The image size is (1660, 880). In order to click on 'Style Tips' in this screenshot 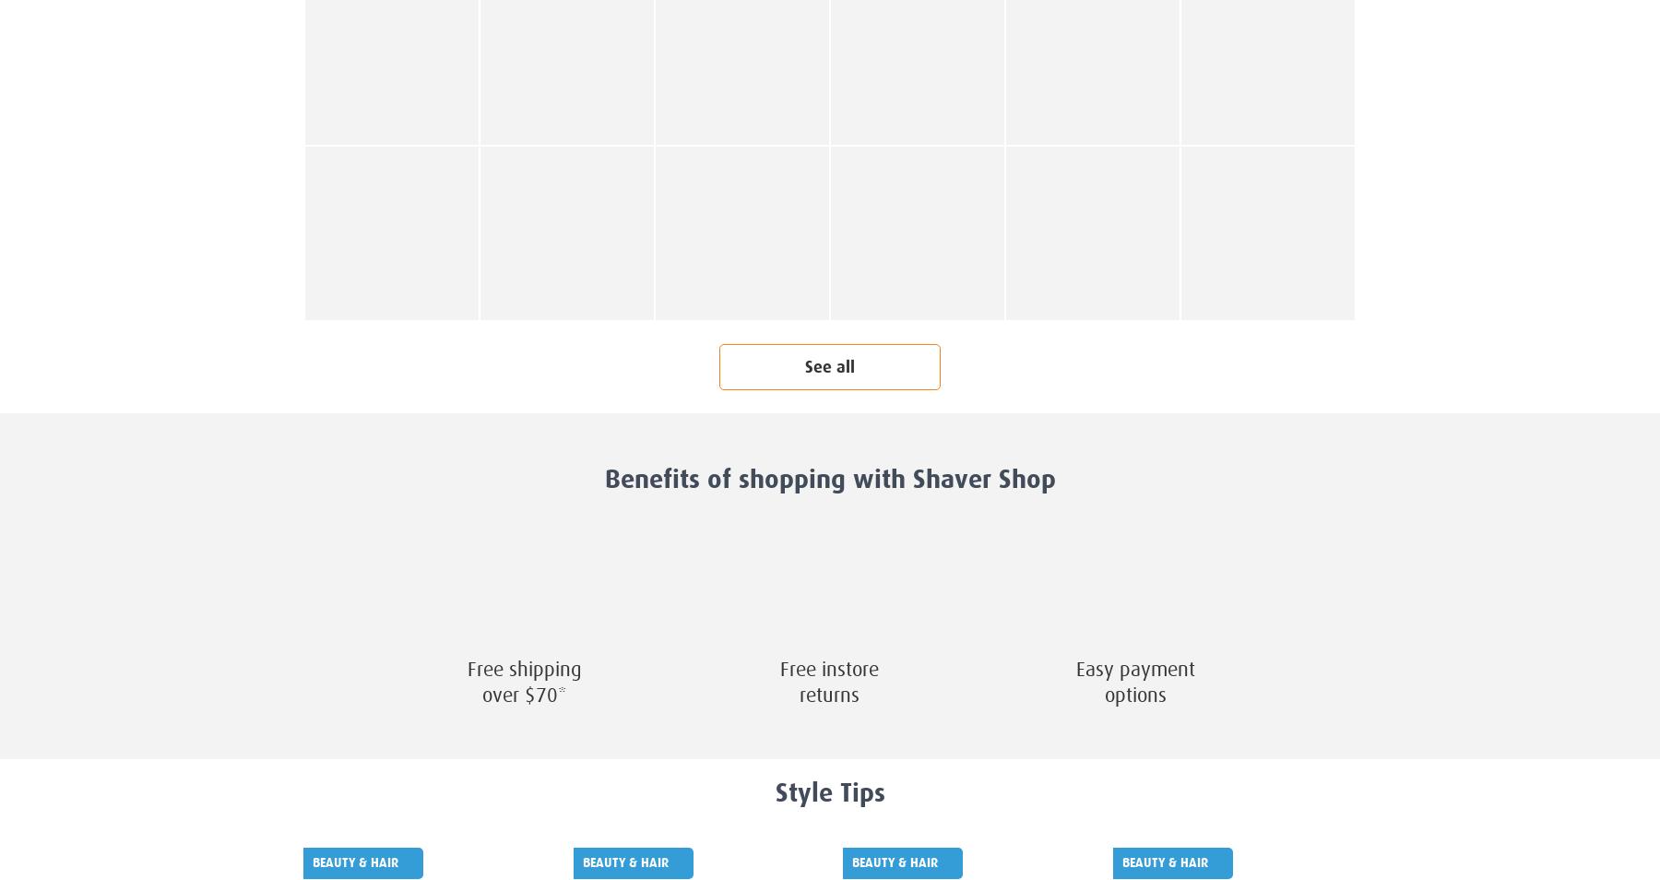, I will do `click(829, 793)`.